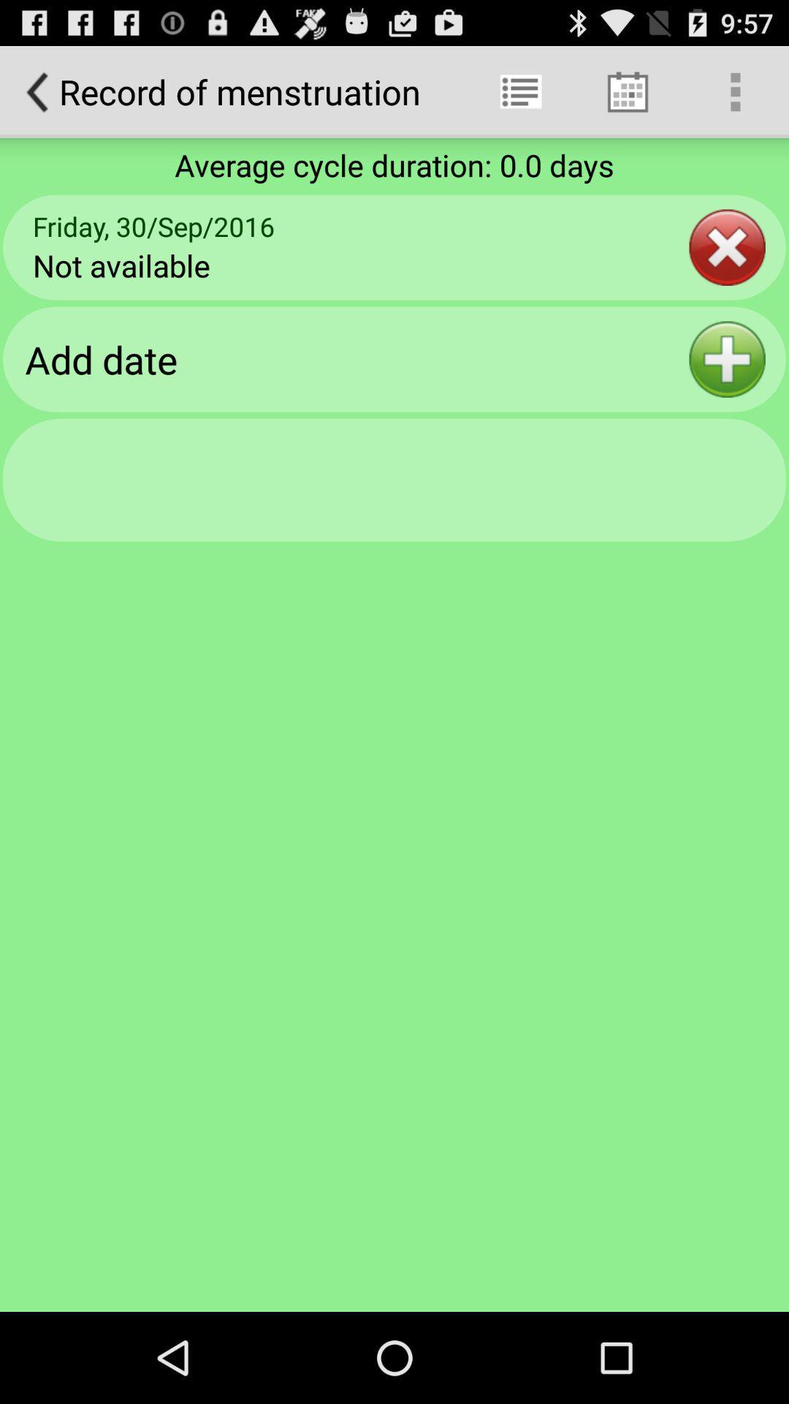  What do you see at coordinates (727, 359) in the screenshot?
I see `icon to the right of add date item` at bounding box center [727, 359].